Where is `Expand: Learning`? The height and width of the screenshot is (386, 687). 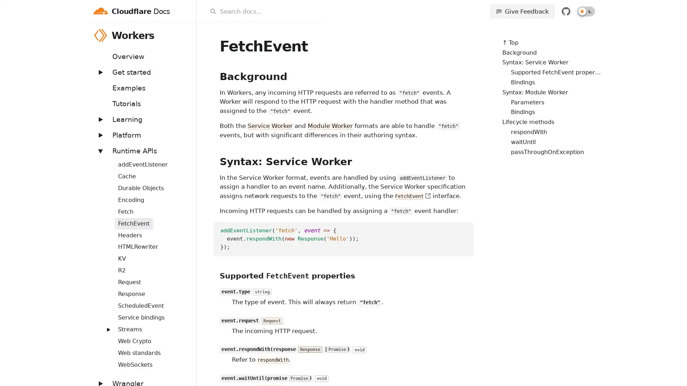
Expand: Learning is located at coordinates (99, 119).